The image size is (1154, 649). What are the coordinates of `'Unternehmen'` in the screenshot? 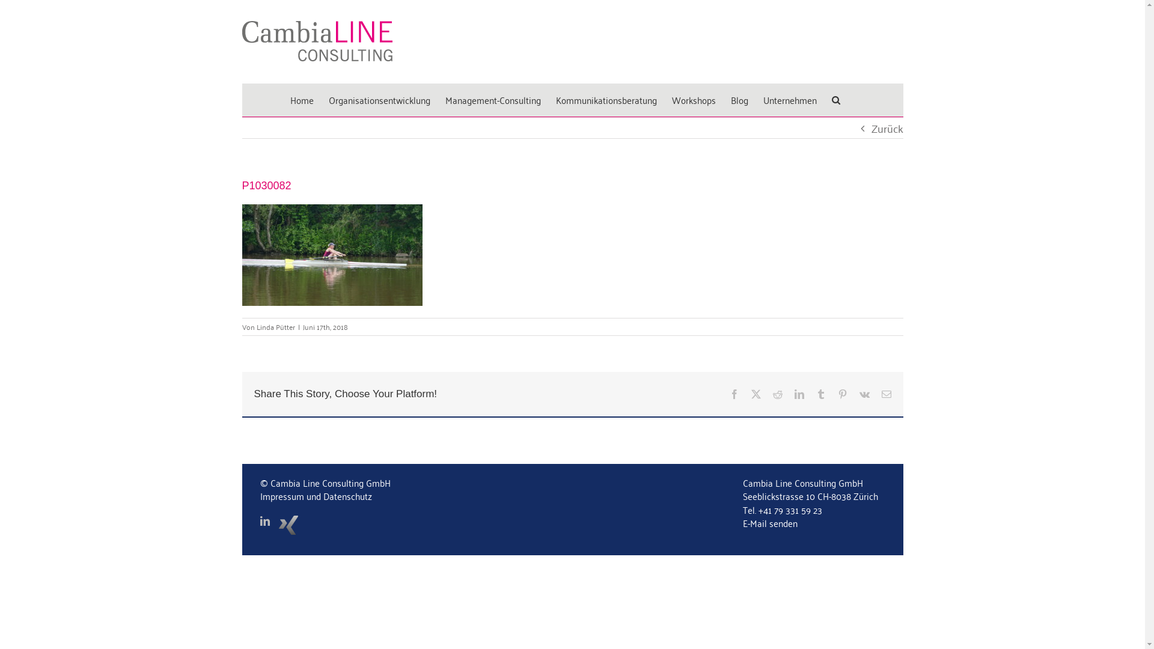 It's located at (790, 99).